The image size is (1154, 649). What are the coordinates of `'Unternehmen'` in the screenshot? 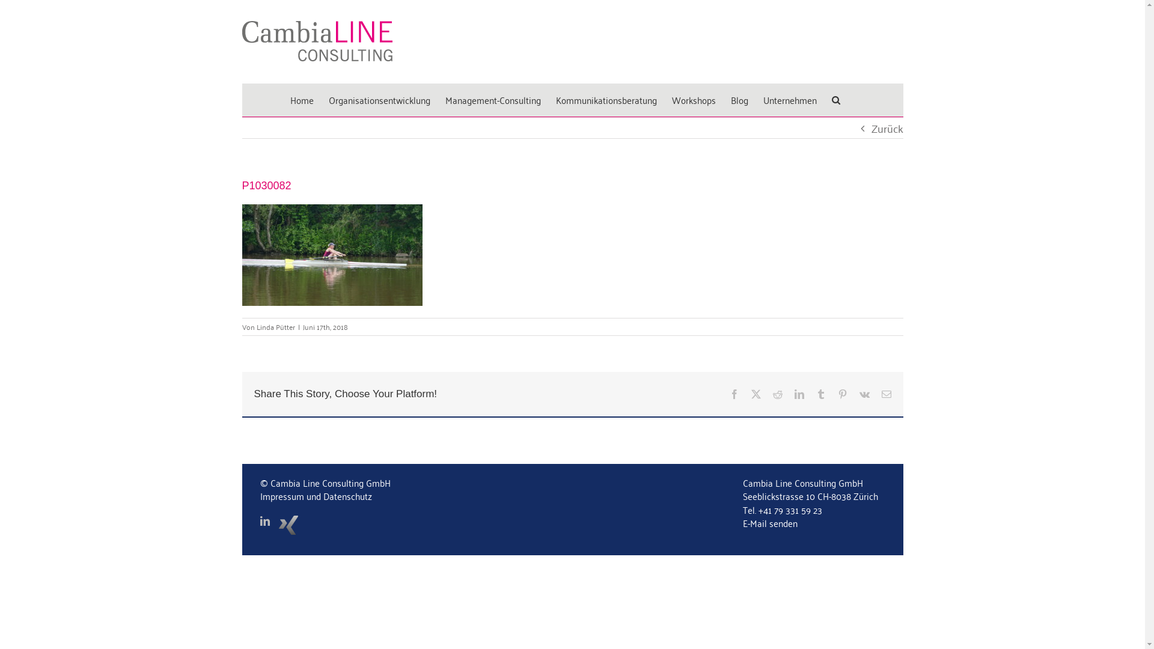 It's located at (790, 99).